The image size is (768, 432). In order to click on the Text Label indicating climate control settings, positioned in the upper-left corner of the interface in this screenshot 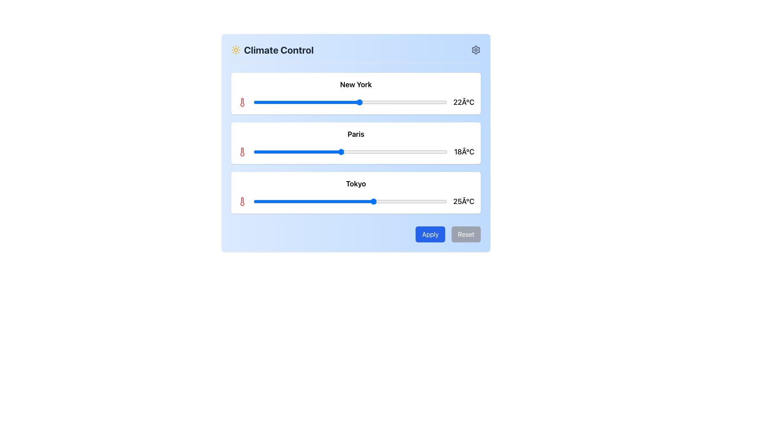, I will do `click(279, 50)`.